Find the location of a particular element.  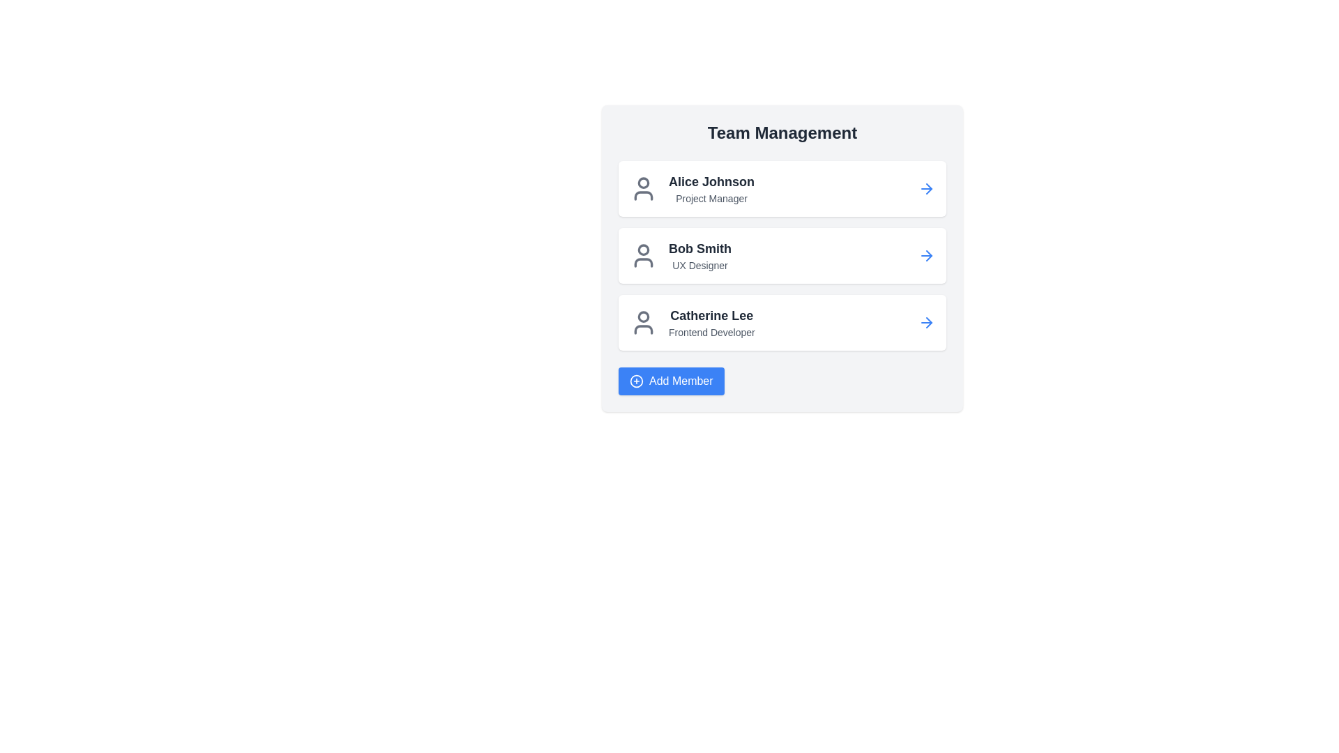

the decorative graphical circle icon located at the upper part of the profile icon next to 'Bob Smith' is located at coordinates (642, 249).